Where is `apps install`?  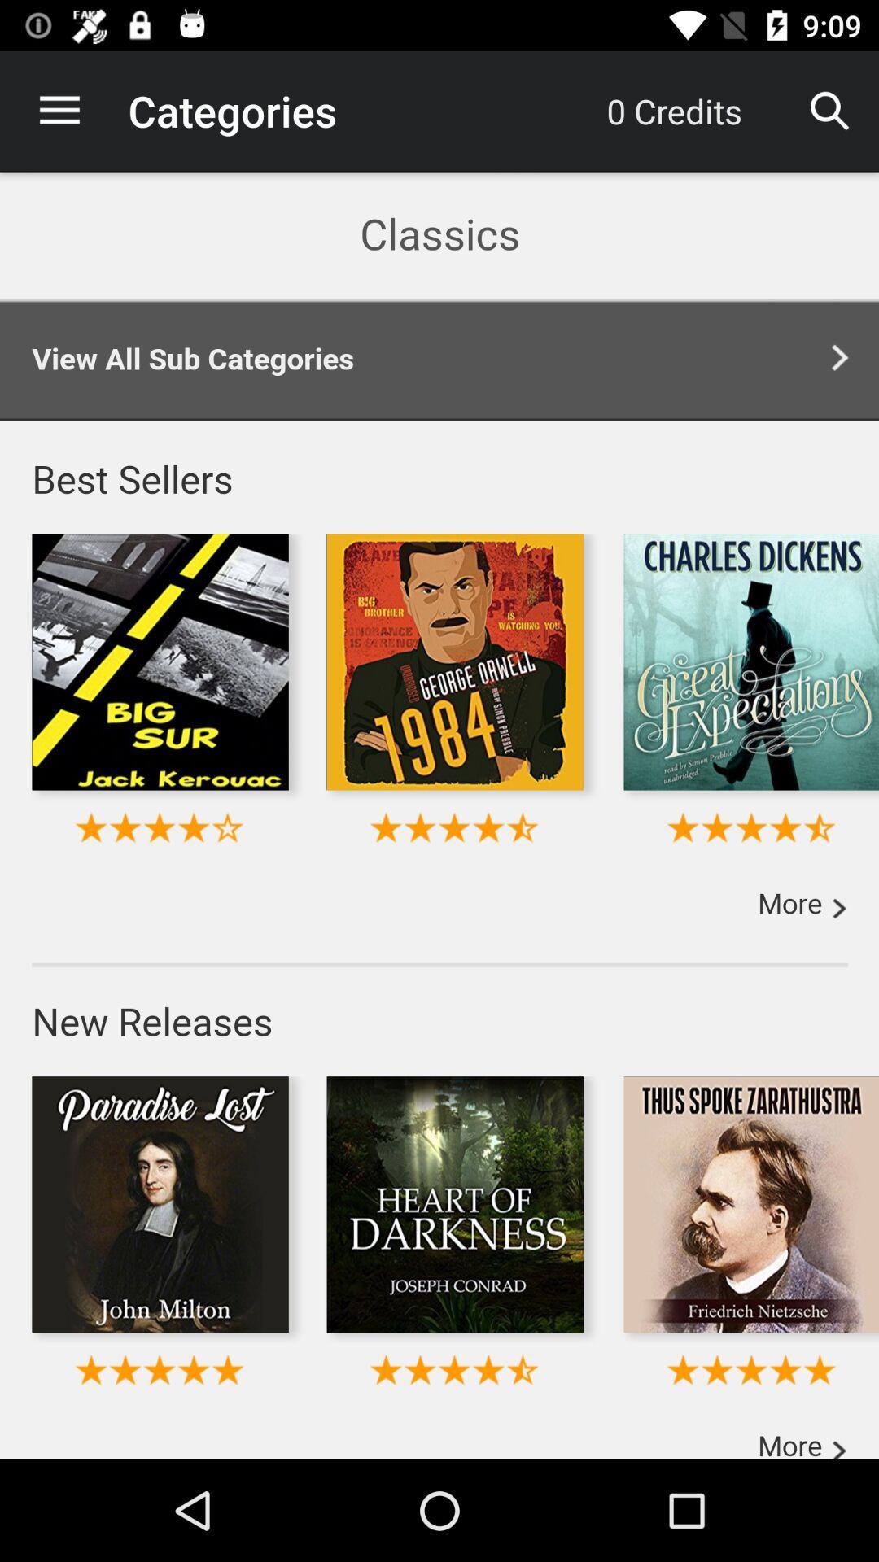
apps install is located at coordinates (439, 815).